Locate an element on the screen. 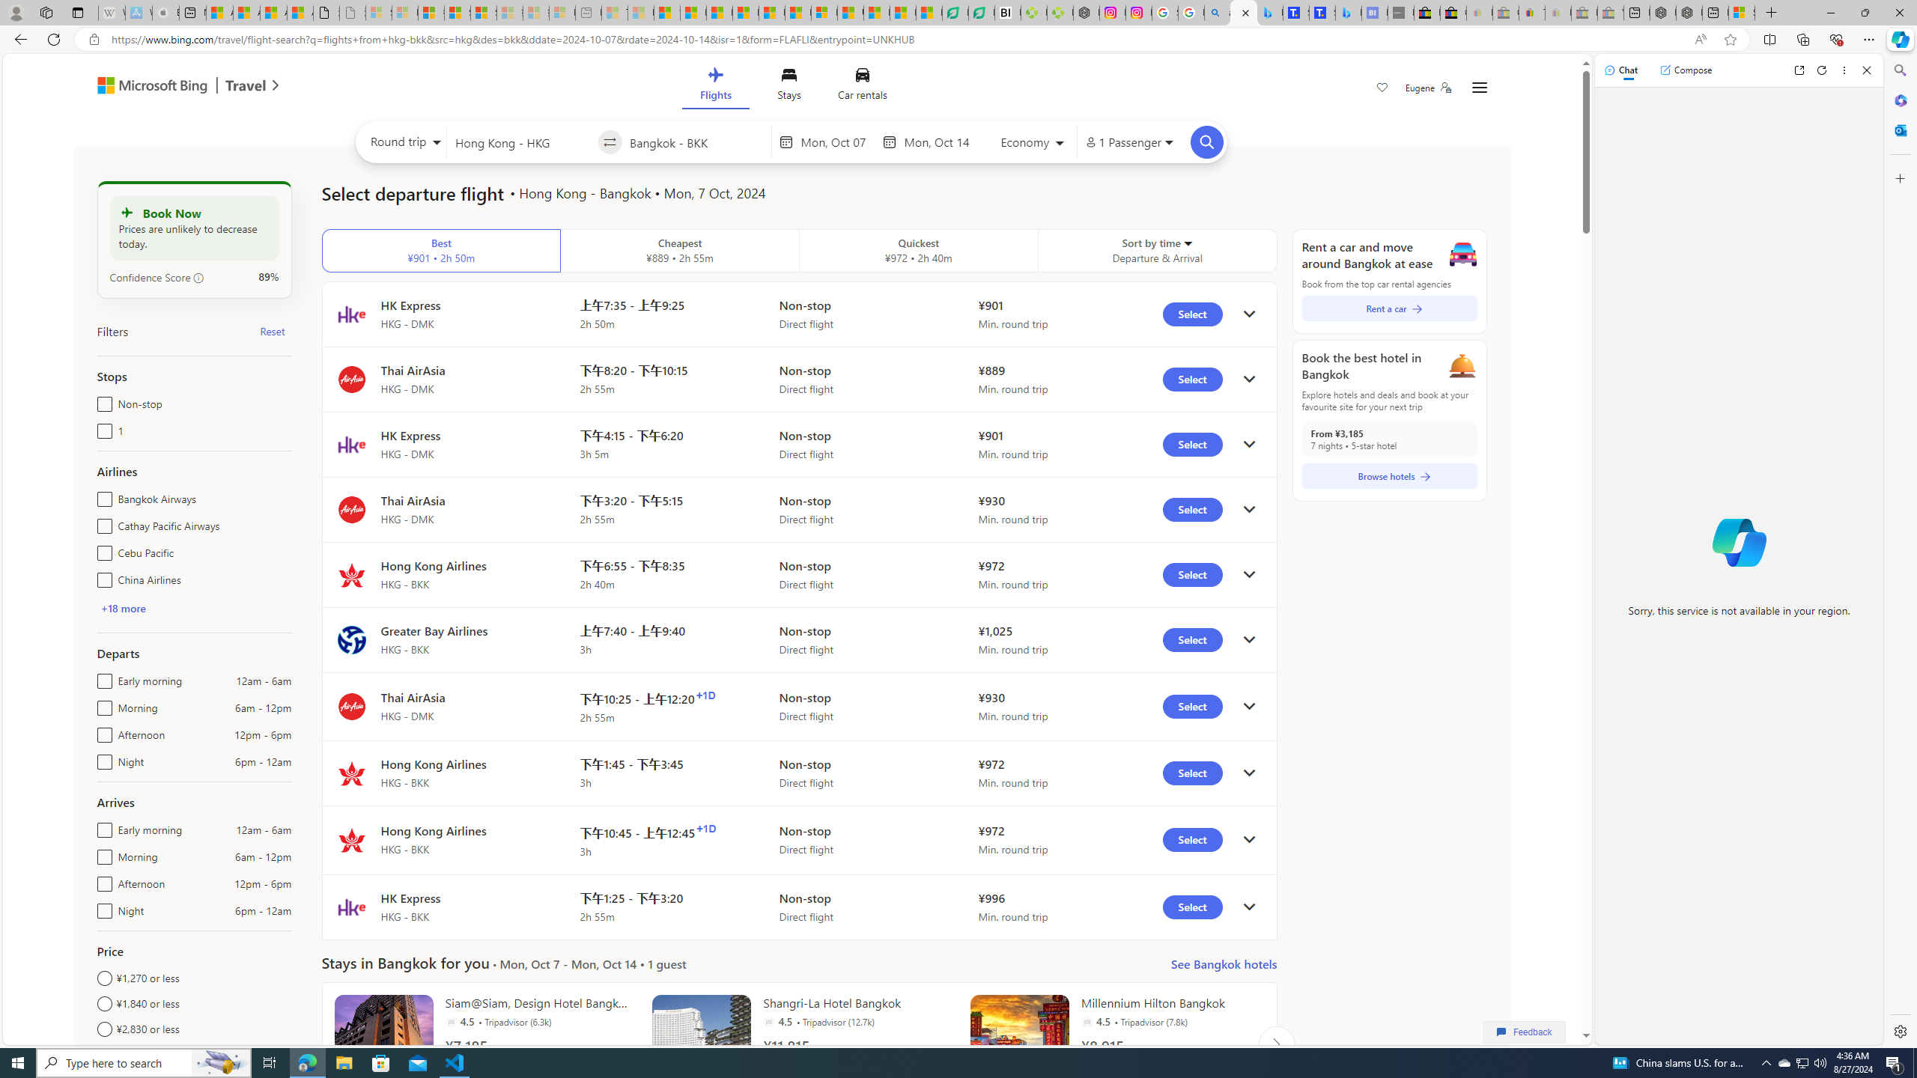  'Browse hotels' is located at coordinates (1389, 475).